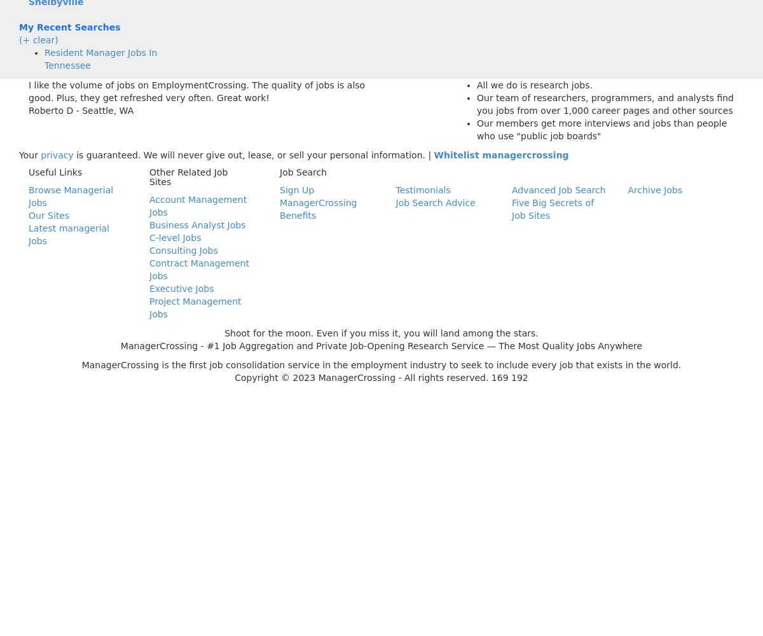  What do you see at coordinates (477, 128) in the screenshot?
I see `'Our members get more interviews and jobs than people who use "public job boards"'` at bounding box center [477, 128].